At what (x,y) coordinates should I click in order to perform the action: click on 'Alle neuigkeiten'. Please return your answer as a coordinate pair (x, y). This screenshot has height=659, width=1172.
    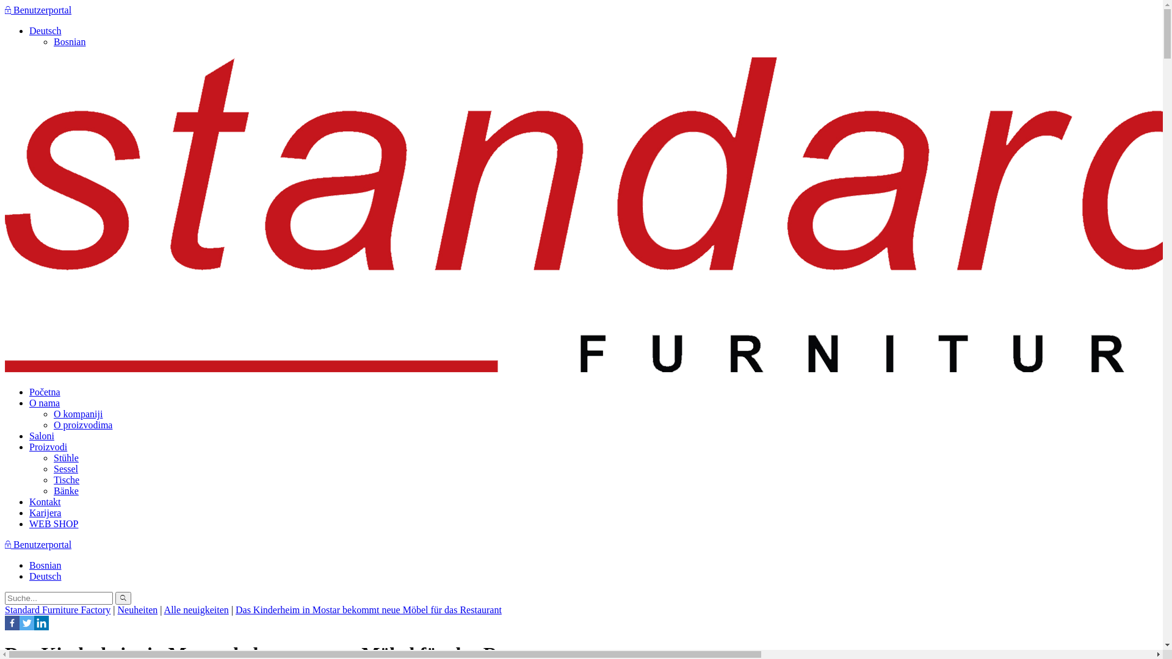
    Looking at the image, I should click on (196, 610).